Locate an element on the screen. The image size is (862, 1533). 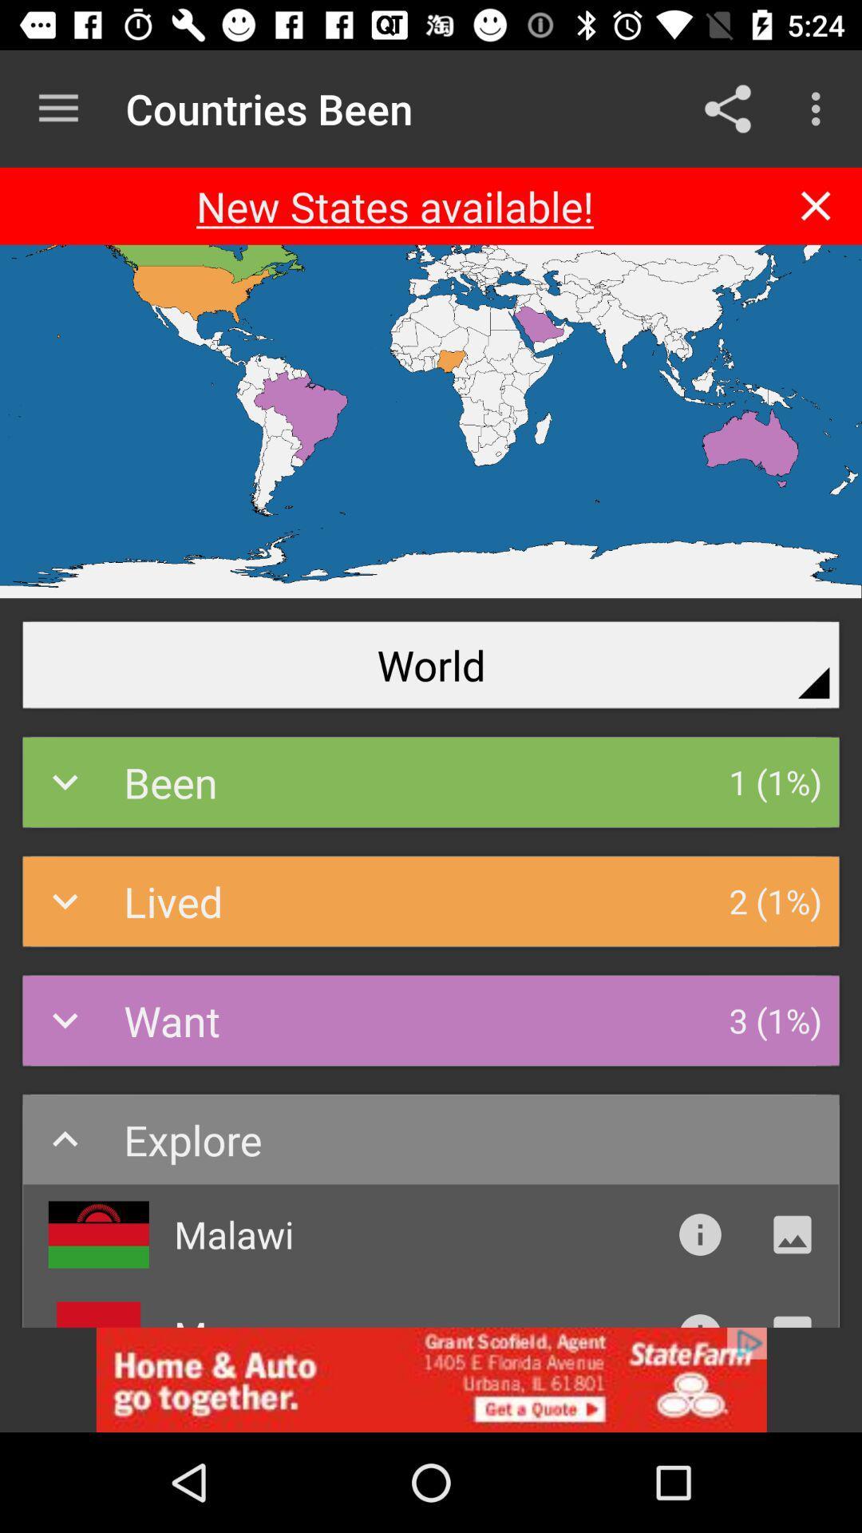
the close icon is located at coordinates (816, 205).